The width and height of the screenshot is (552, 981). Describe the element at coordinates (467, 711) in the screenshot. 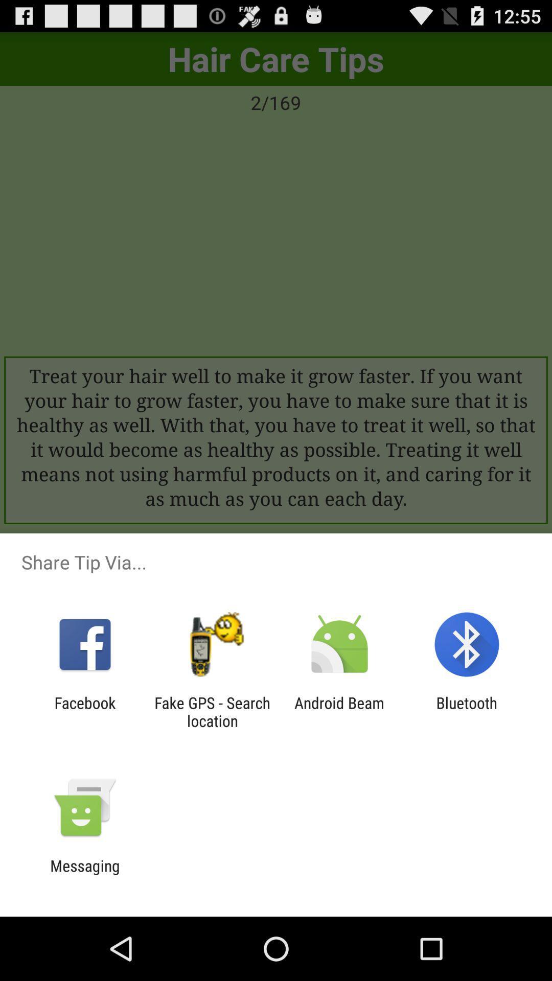

I see `the bluetooth at the bottom right corner` at that location.